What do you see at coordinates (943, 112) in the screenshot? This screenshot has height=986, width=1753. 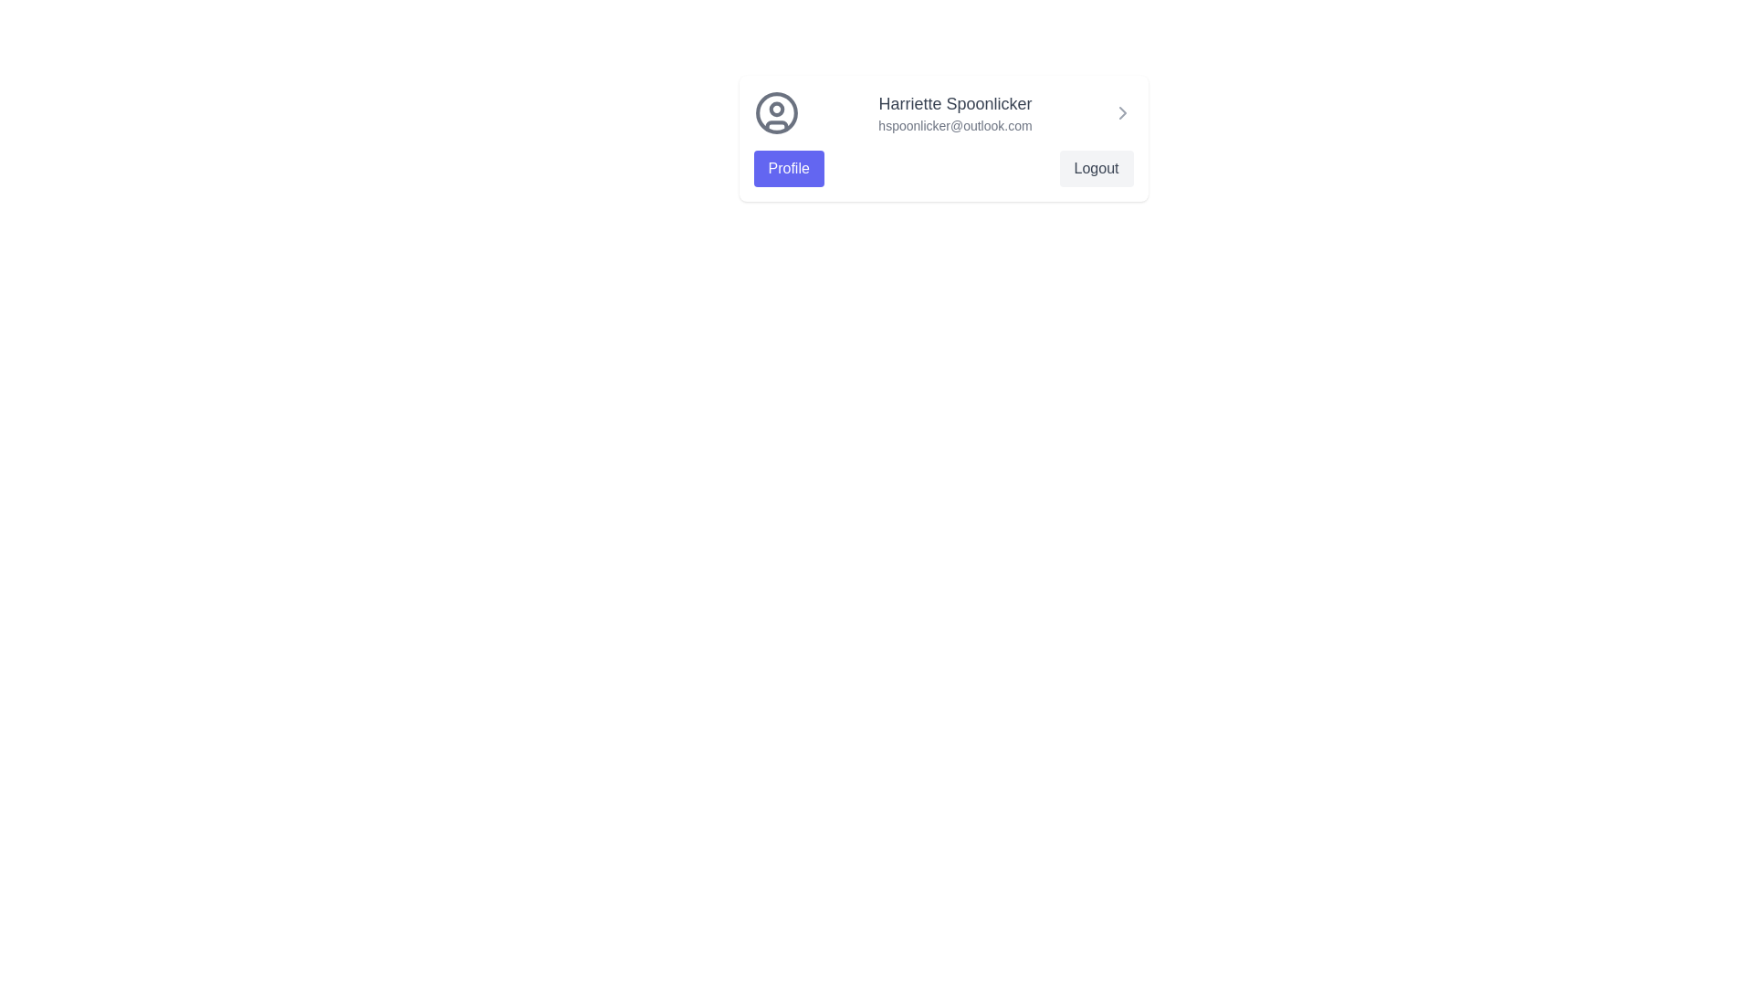 I see `the User Information Display Row element by targeting the name or email address displayed within it` at bounding box center [943, 112].